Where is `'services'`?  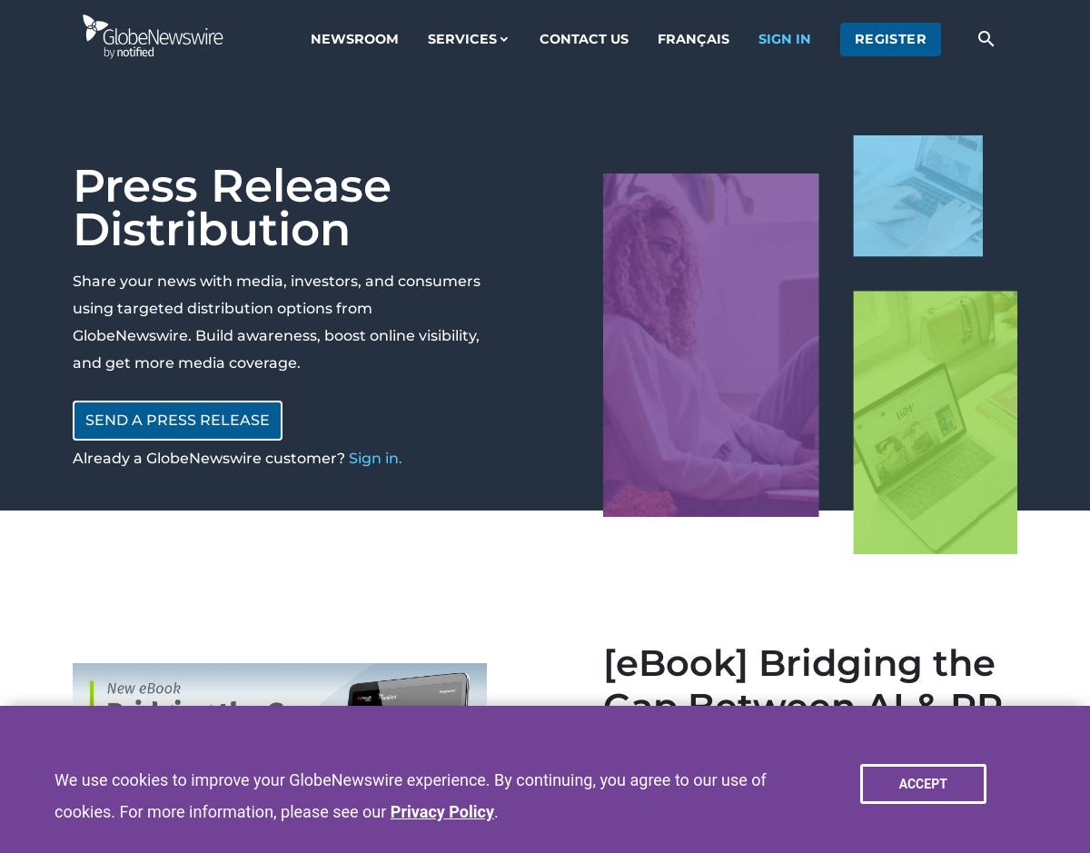 'services' is located at coordinates (460, 36).